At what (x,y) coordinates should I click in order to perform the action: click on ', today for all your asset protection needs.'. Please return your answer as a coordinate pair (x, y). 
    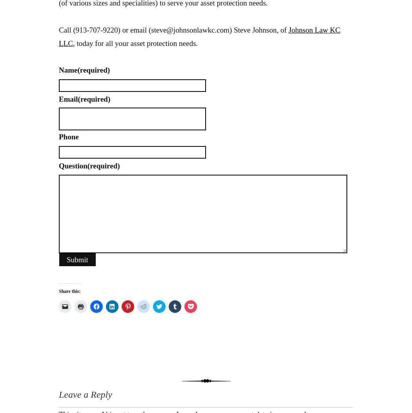
    Looking at the image, I should click on (135, 43).